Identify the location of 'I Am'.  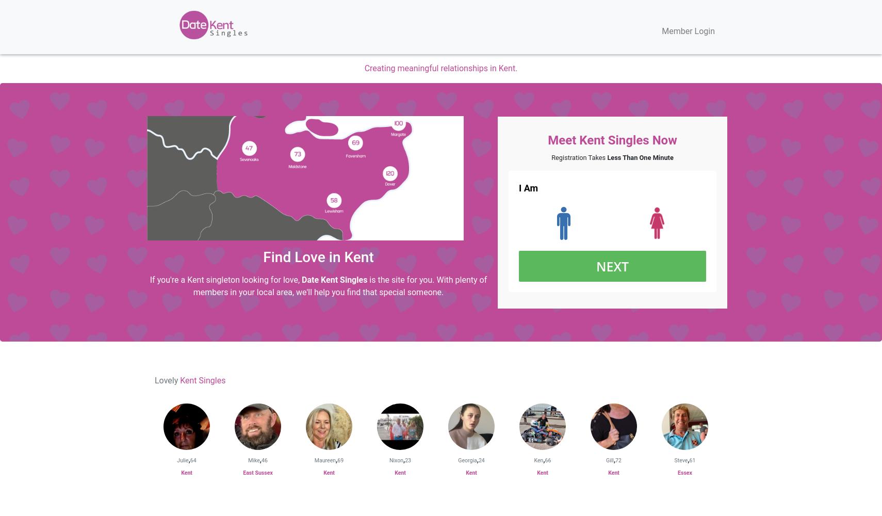
(528, 187).